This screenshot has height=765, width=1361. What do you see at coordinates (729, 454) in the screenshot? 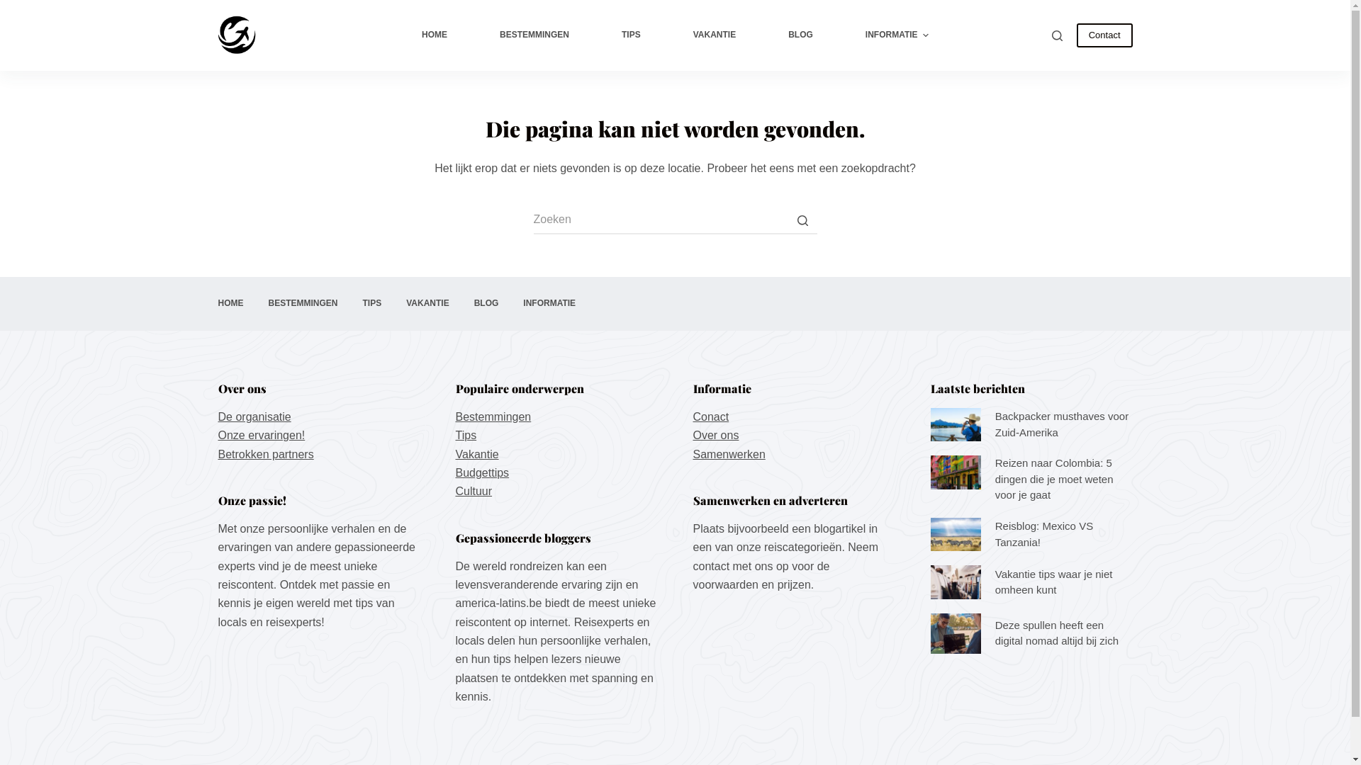
I see `'Samenwerken'` at bounding box center [729, 454].